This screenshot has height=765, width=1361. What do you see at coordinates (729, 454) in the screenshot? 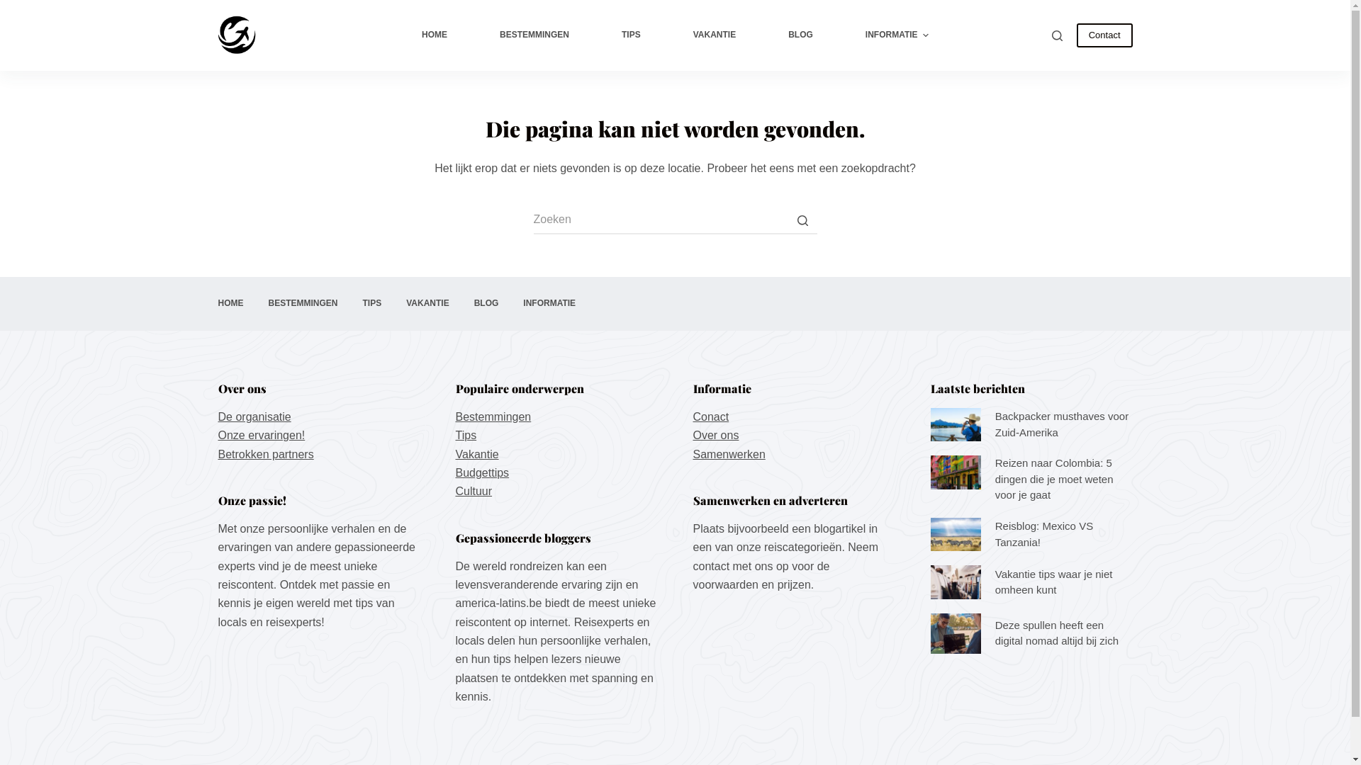
I see `'Samenwerken'` at bounding box center [729, 454].